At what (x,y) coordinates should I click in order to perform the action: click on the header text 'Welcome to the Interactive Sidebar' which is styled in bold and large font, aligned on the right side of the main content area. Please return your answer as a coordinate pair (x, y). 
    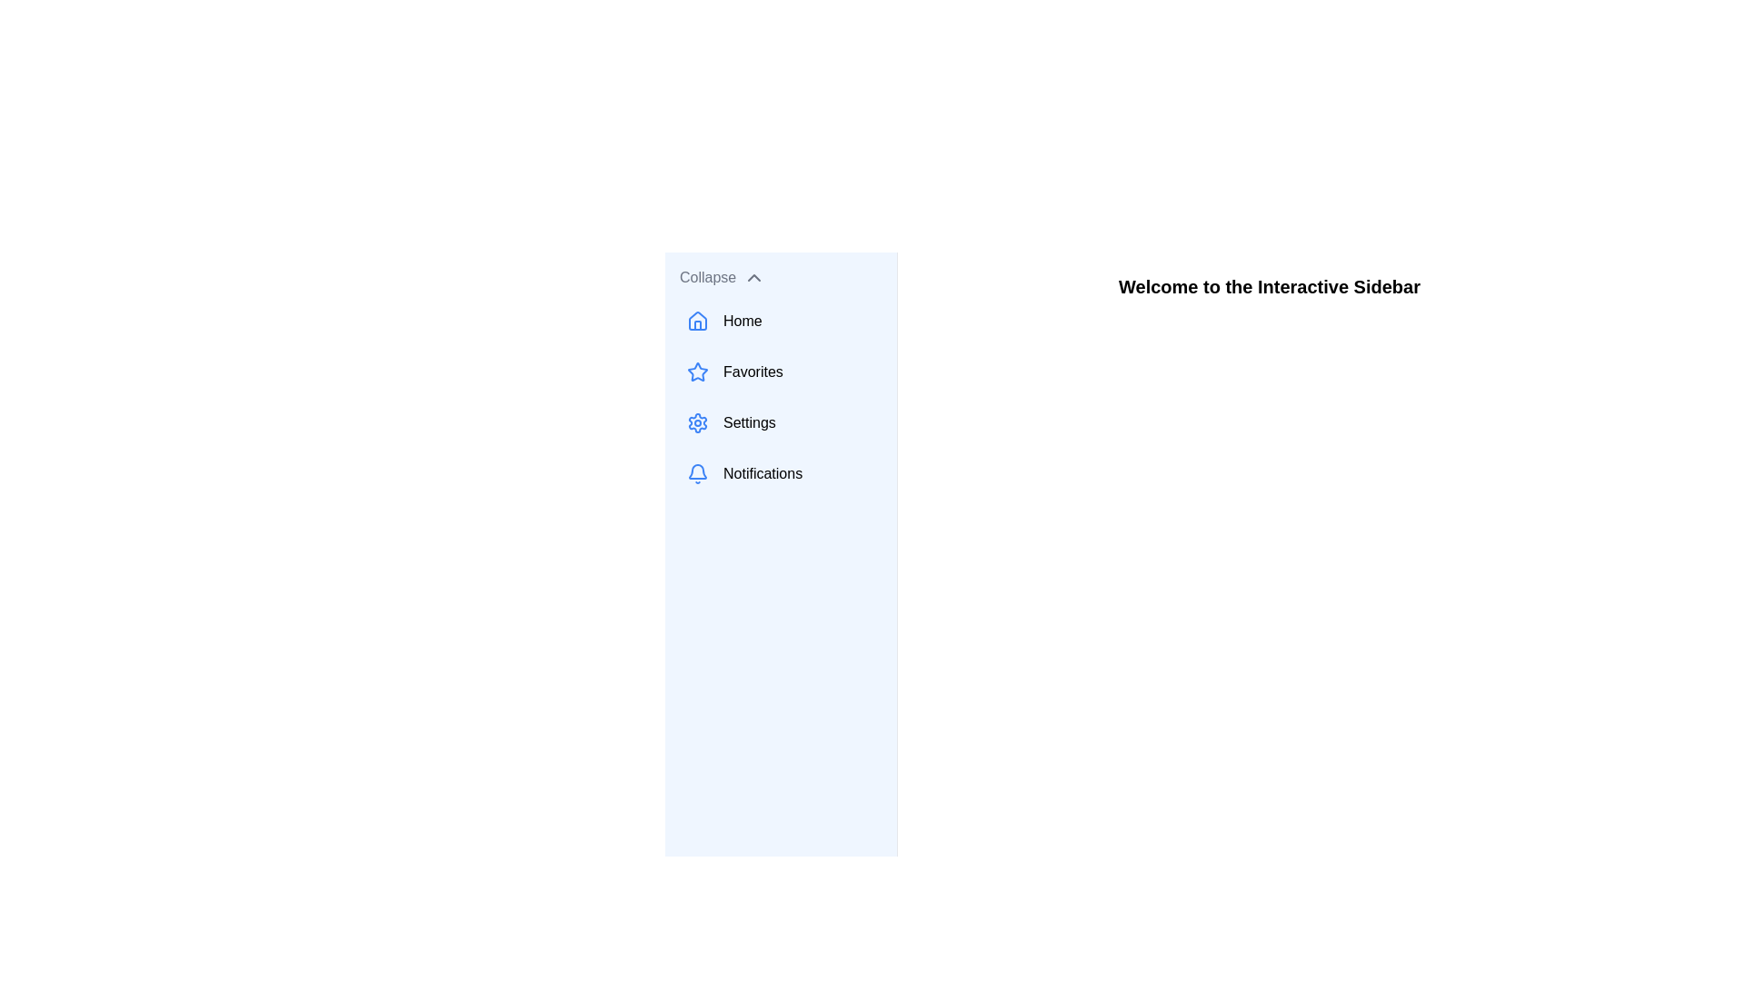
    Looking at the image, I should click on (1268, 286).